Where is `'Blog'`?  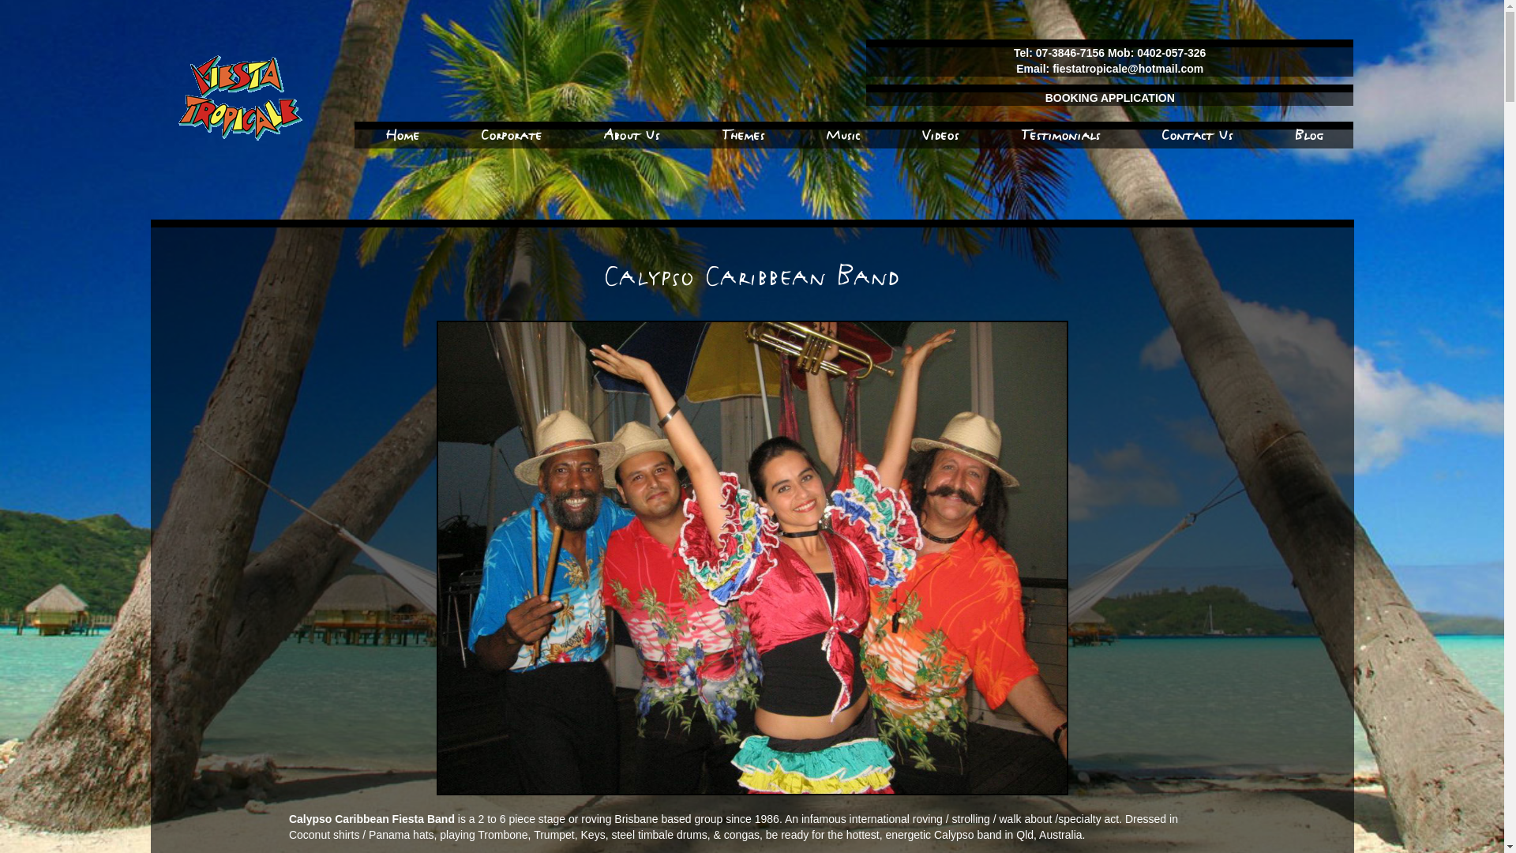
'Blog' is located at coordinates (1308, 133).